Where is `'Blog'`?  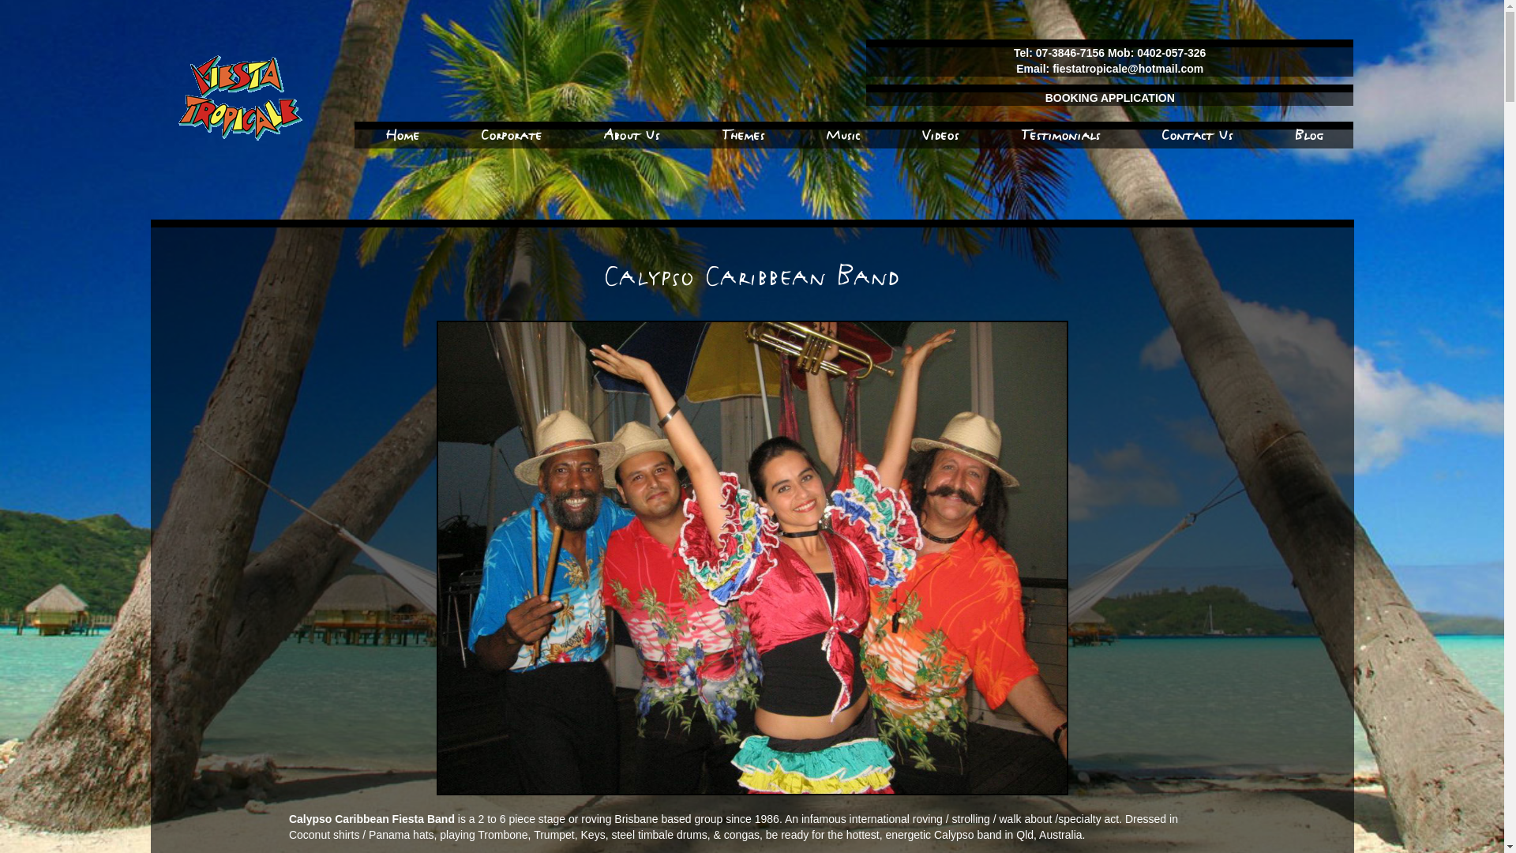
'Blog' is located at coordinates (1308, 133).